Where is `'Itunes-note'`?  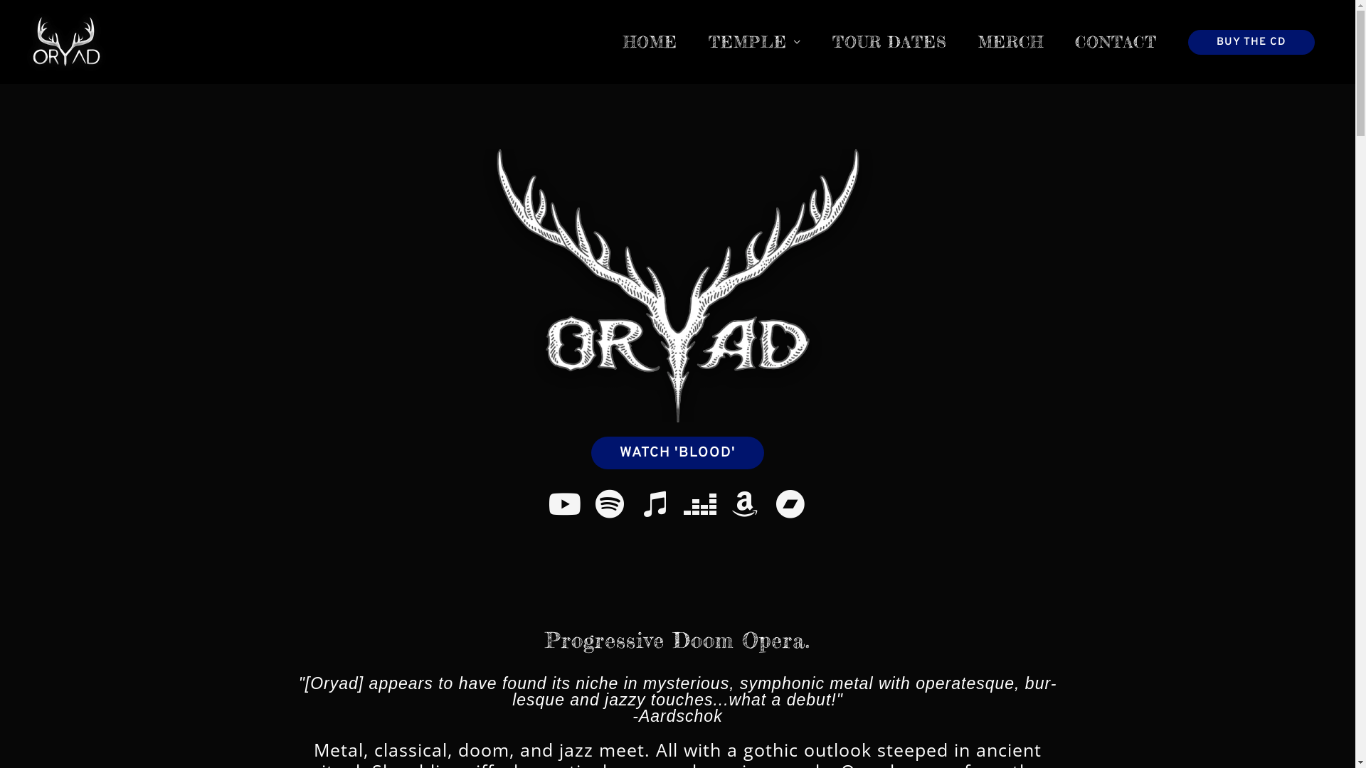 'Itunes-note' is located at coordinates (654, 503).